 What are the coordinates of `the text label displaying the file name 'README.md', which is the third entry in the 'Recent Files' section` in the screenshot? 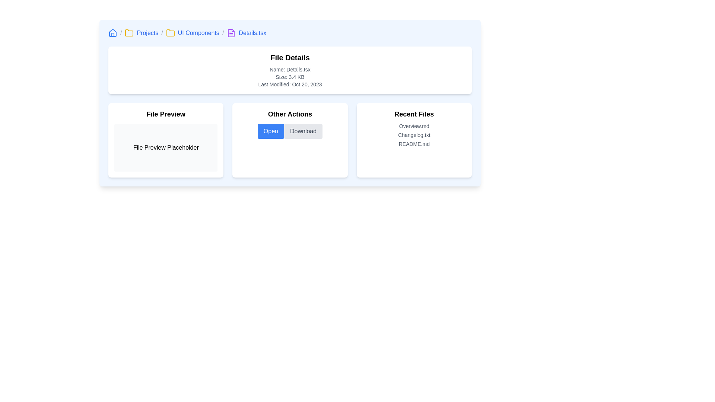 It's located at (414, 144).